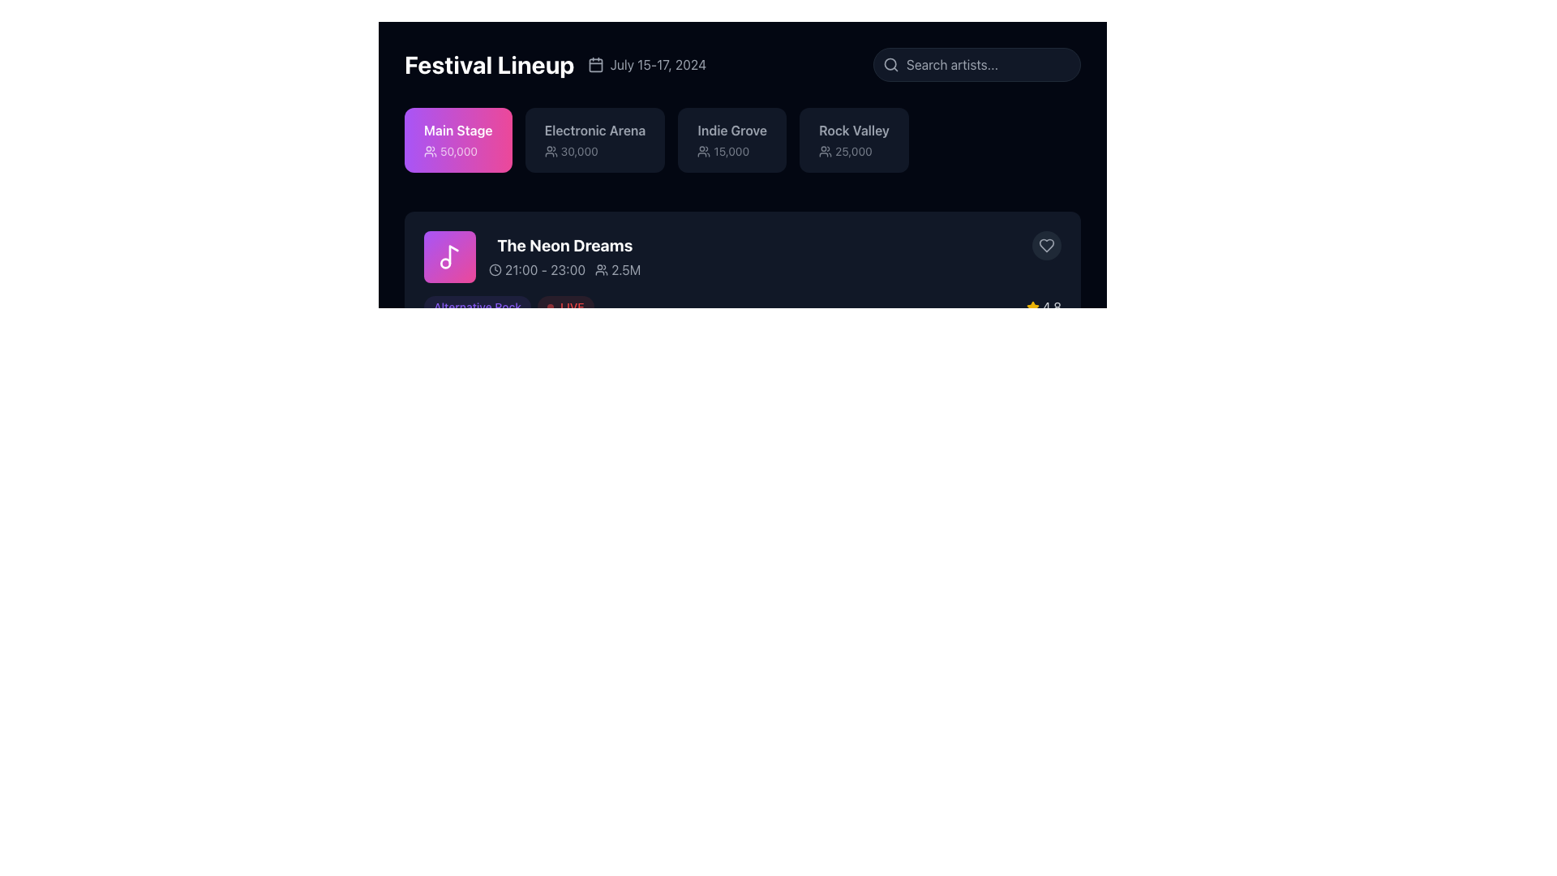 Image resolution: width=1557 pixels, height=876 pixels. Describe the element at coordinates (445, 262) in the screenshot. I see `the small circle within the musical note icon that is part of the 'The Neon Dreams' card, located in the upper left region of the purple square block` at that location.